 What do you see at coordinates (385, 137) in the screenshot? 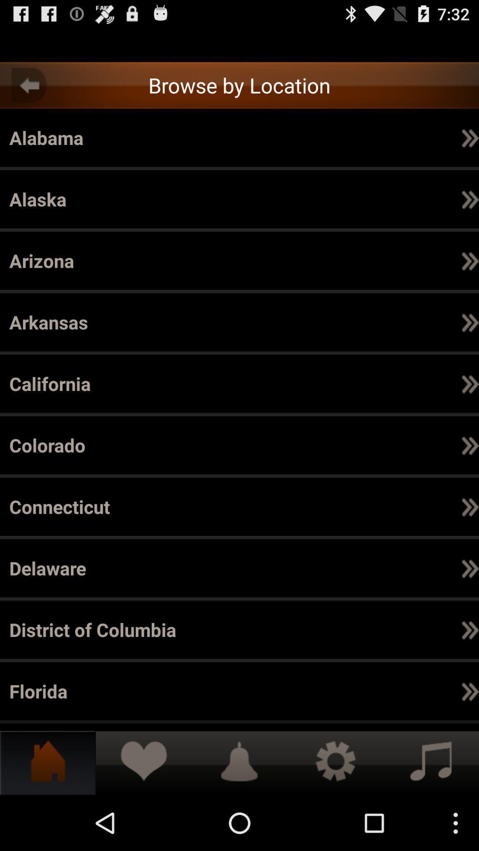
I see `app below california` at bounding box center [385, 137].